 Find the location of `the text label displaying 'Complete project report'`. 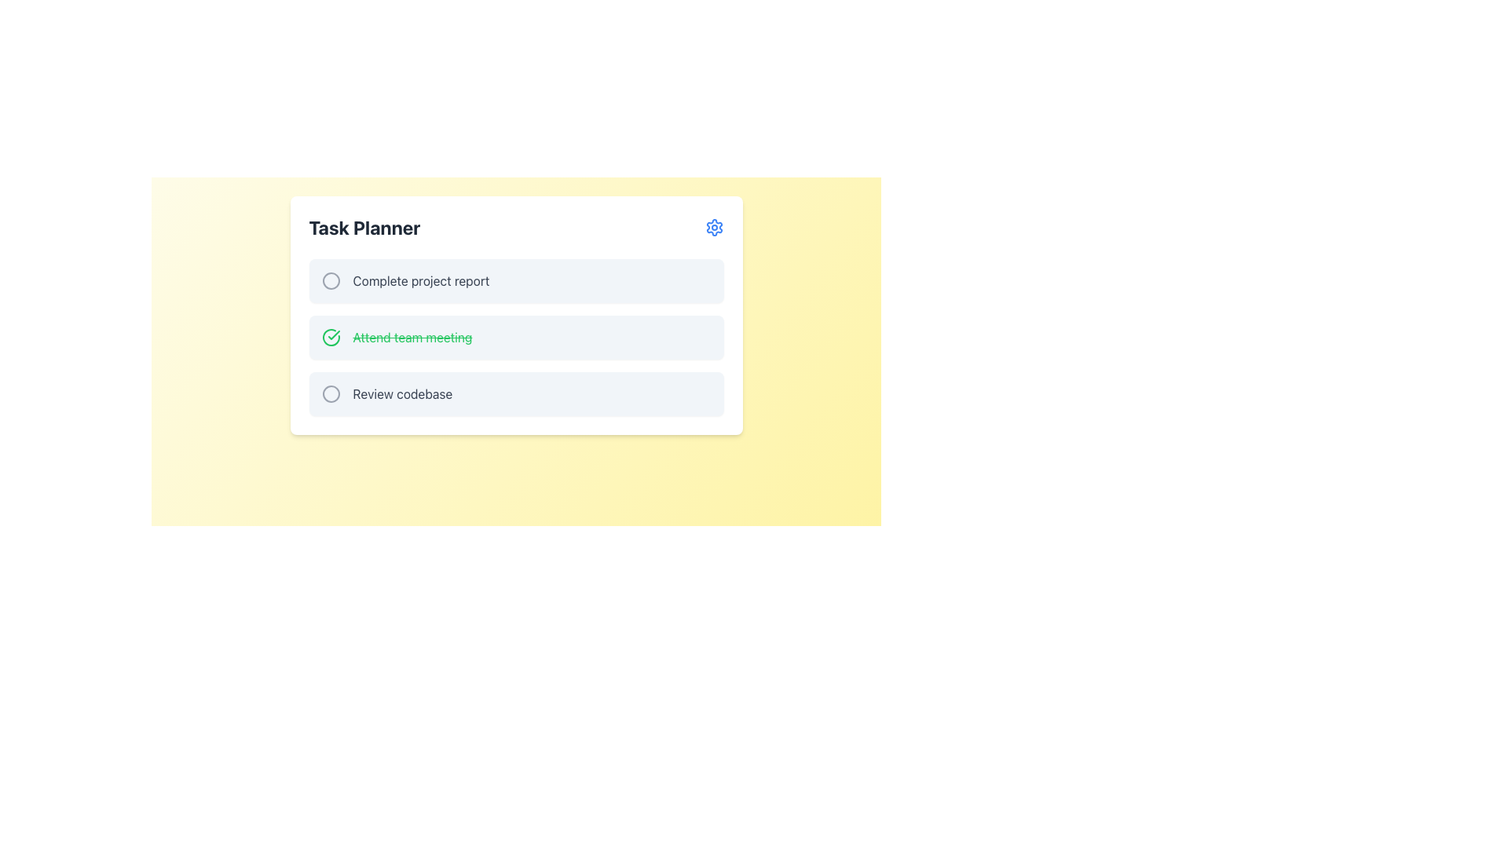

the text label displaying 'Complete project report' is located at coordinates (421, 280).